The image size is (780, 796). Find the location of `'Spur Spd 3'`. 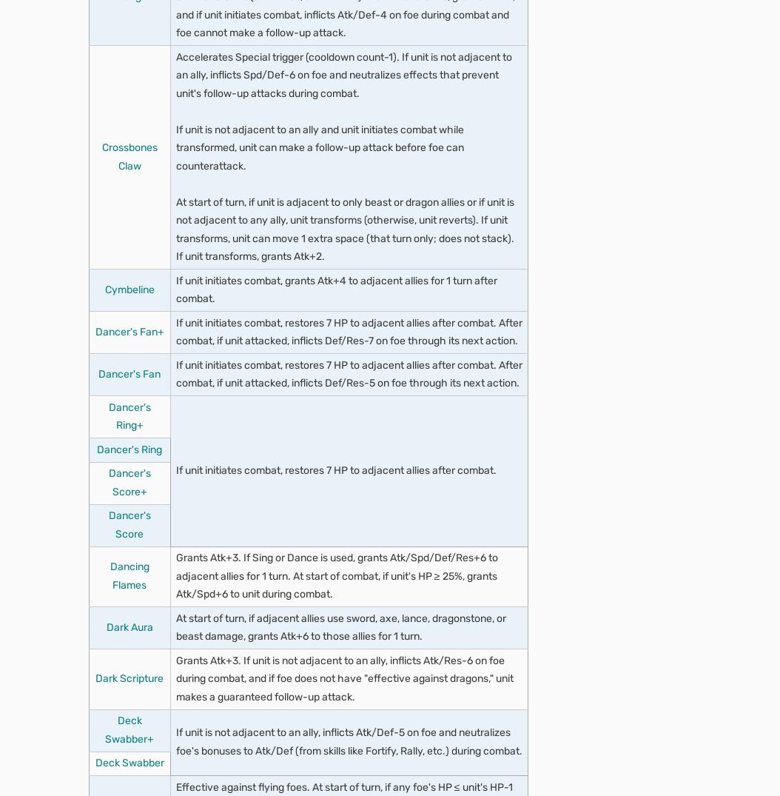

'Spur Spd 3' is located at coordinates (154, 464).